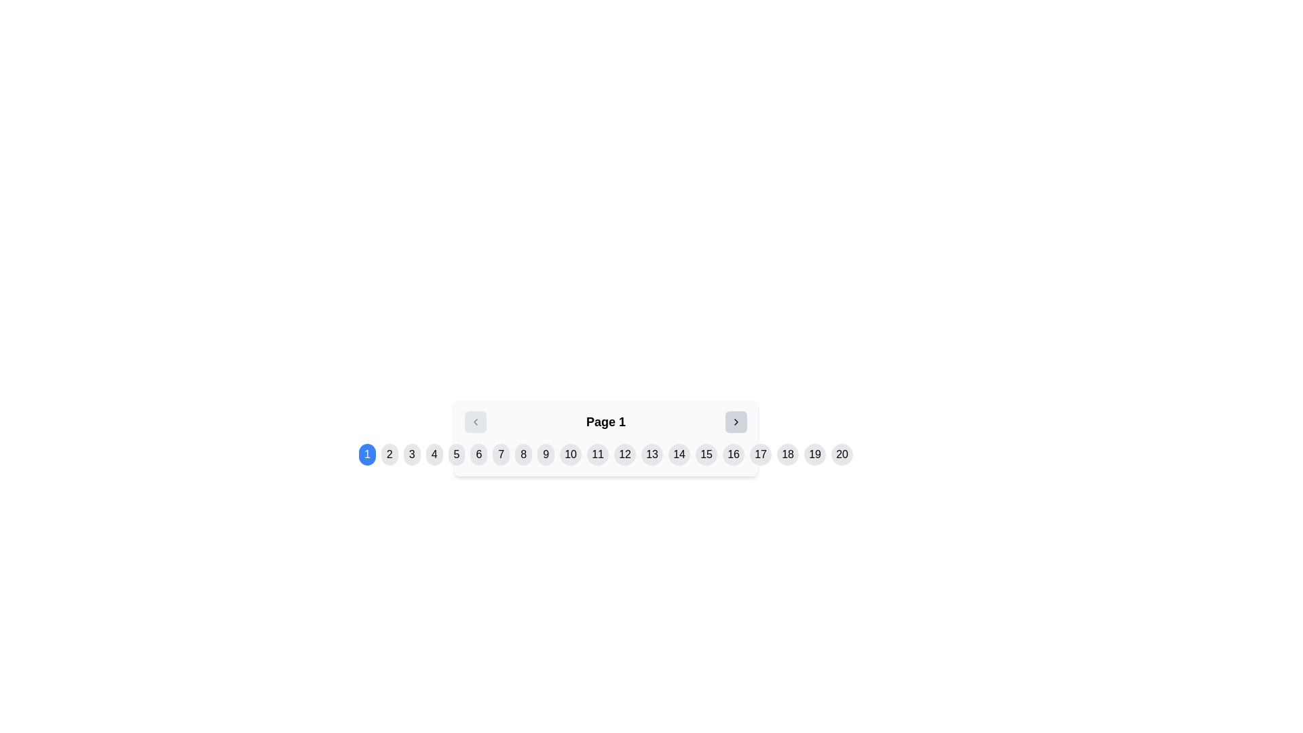 The height and width of the screenshot is (733, 1303). What do you see at coordinates (434, 455) in the screenshot?
I see `the fourth pagination button labeled '4'` at bounding box center [434, 455].